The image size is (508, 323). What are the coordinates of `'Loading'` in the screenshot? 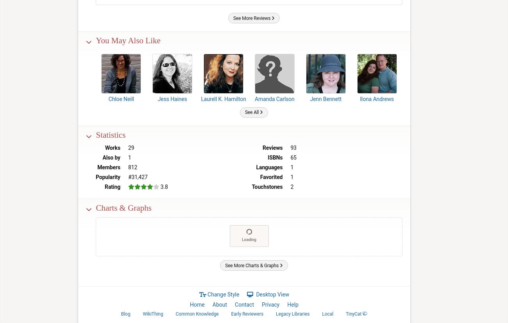 It's located at (249, 239).